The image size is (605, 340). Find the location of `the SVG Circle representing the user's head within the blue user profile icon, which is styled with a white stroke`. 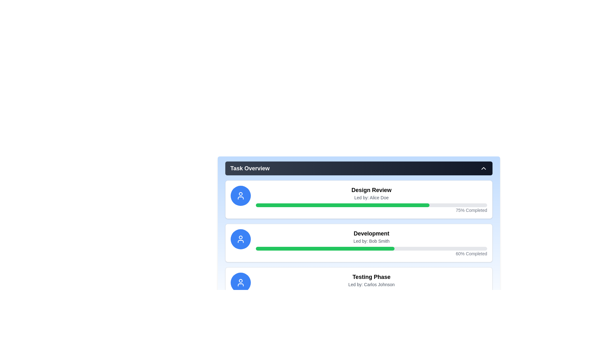

the SVG Circle representing the user's head within the blue user profile icon, which is styled with a white stroke is located at coordinates (240, 194).